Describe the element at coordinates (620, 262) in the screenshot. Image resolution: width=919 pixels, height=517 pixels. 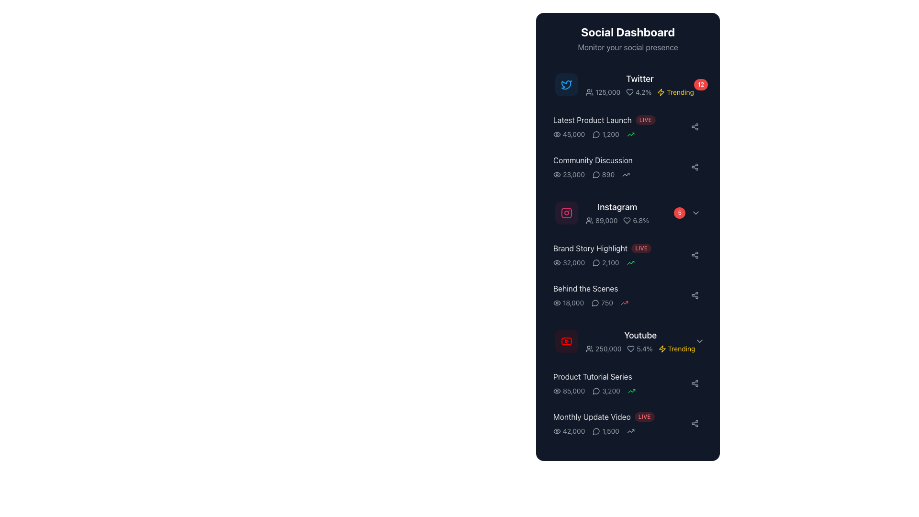
I see `the displayed statistics in the 'Brand Story Highlight' section, which is the third element in the sidebar below the title and 'LIVE' badge` at that location.